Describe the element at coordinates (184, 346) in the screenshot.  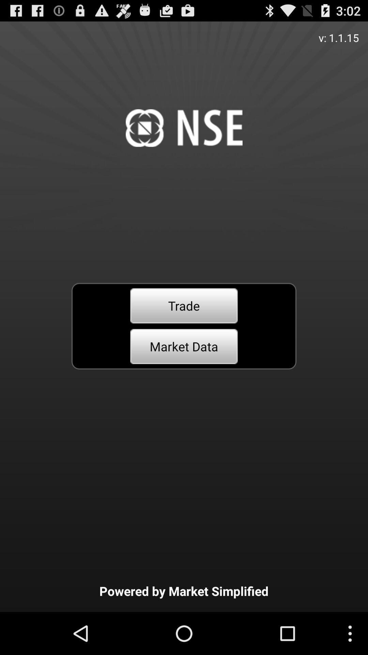
I see `market data button` at that location.